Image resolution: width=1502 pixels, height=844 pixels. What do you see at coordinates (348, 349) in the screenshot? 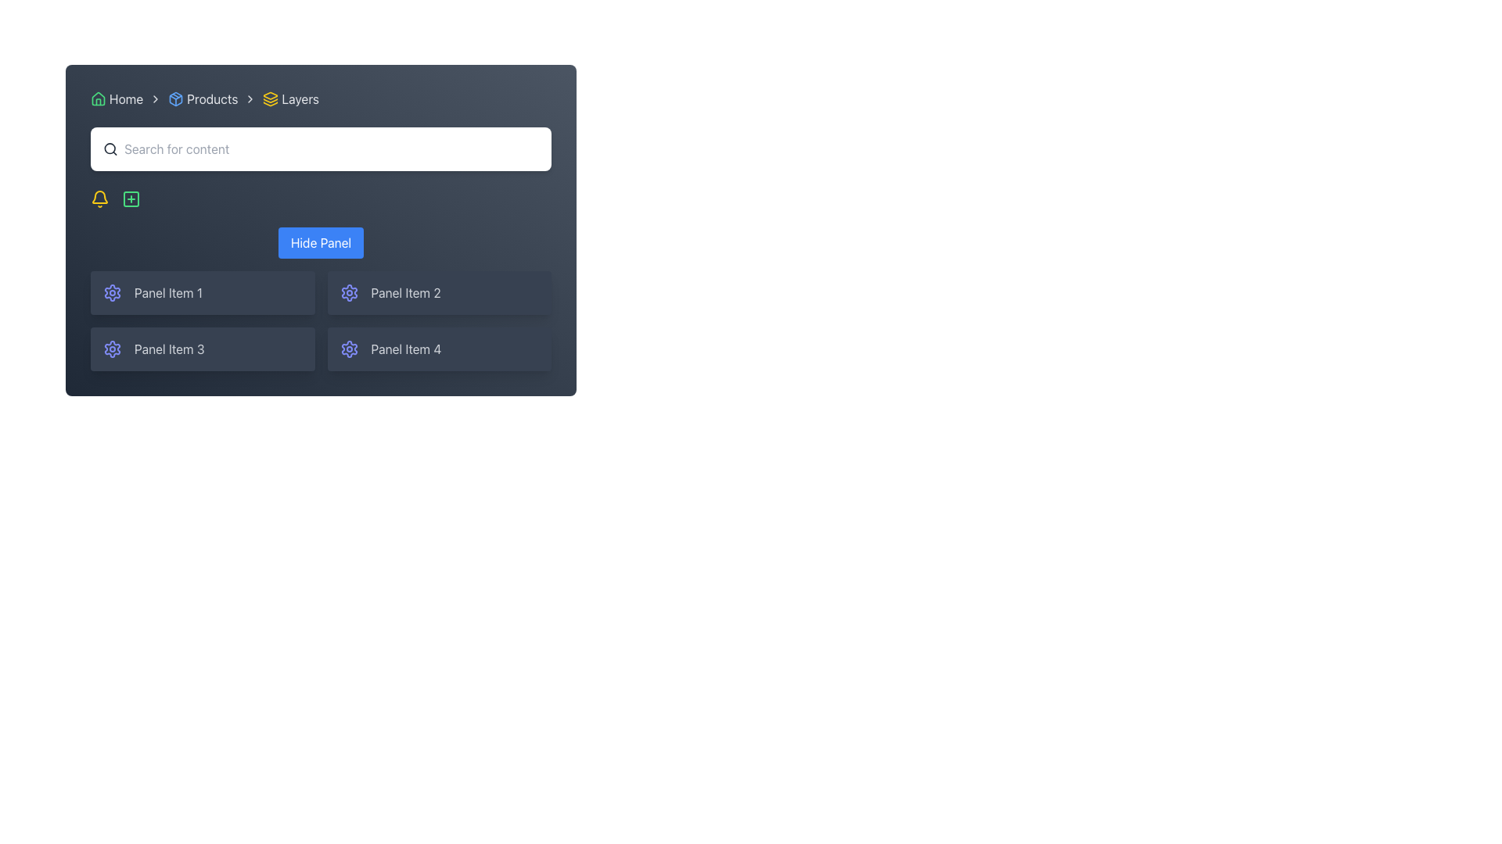
I see `the gear-shaped icon, which is dark indigo and located in the bottom right of the interface` at bounding box center [348, 349].